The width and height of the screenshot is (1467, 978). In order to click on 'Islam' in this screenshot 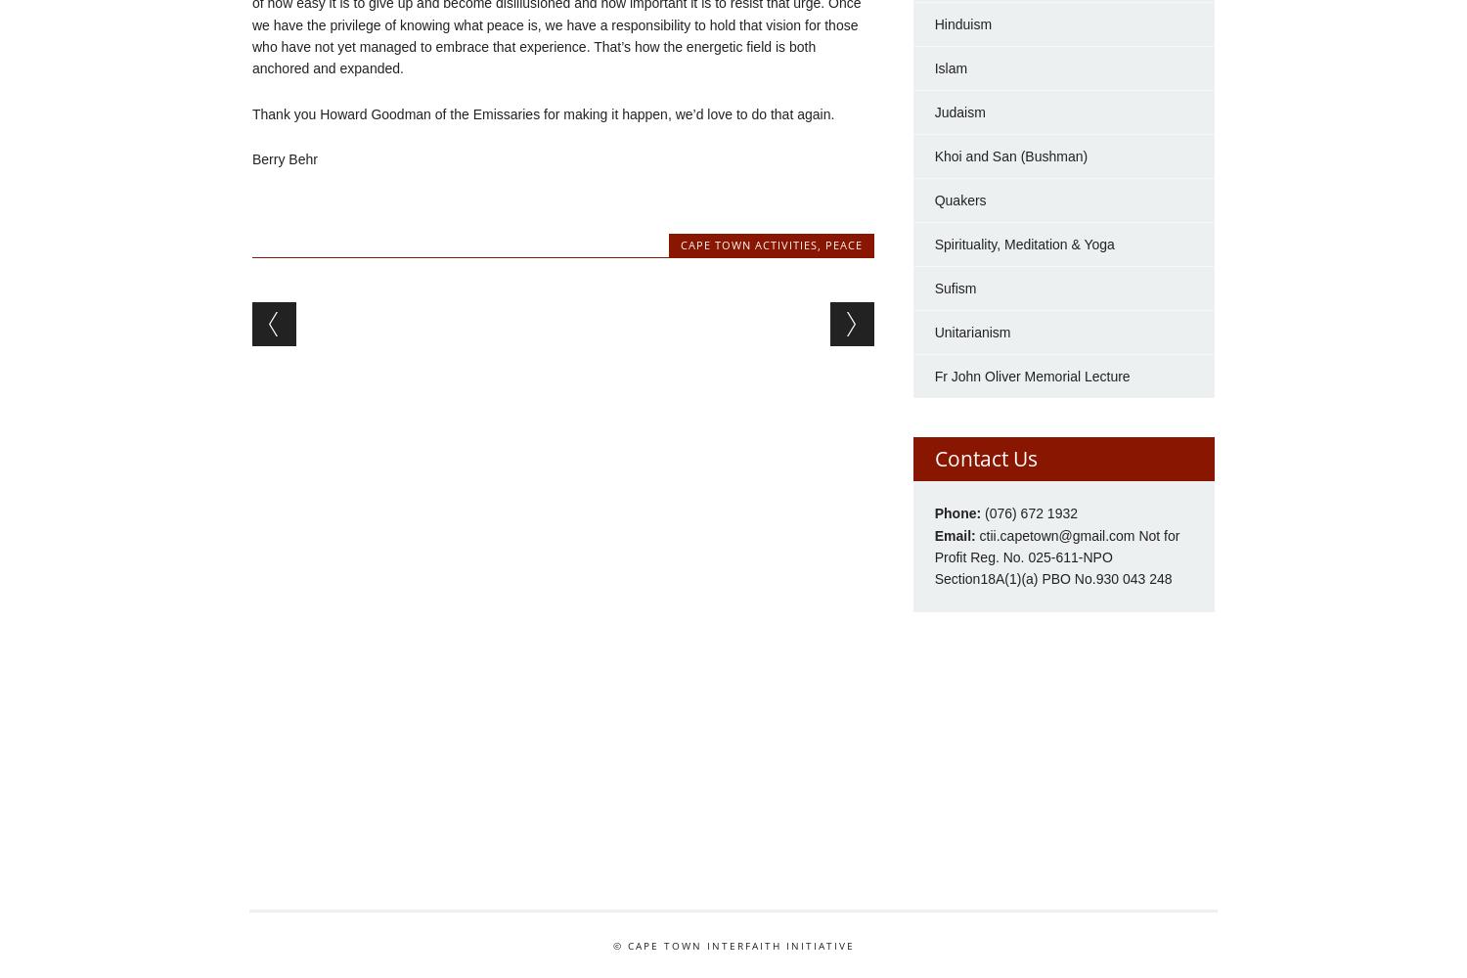, I will do `click(933, 67)`.